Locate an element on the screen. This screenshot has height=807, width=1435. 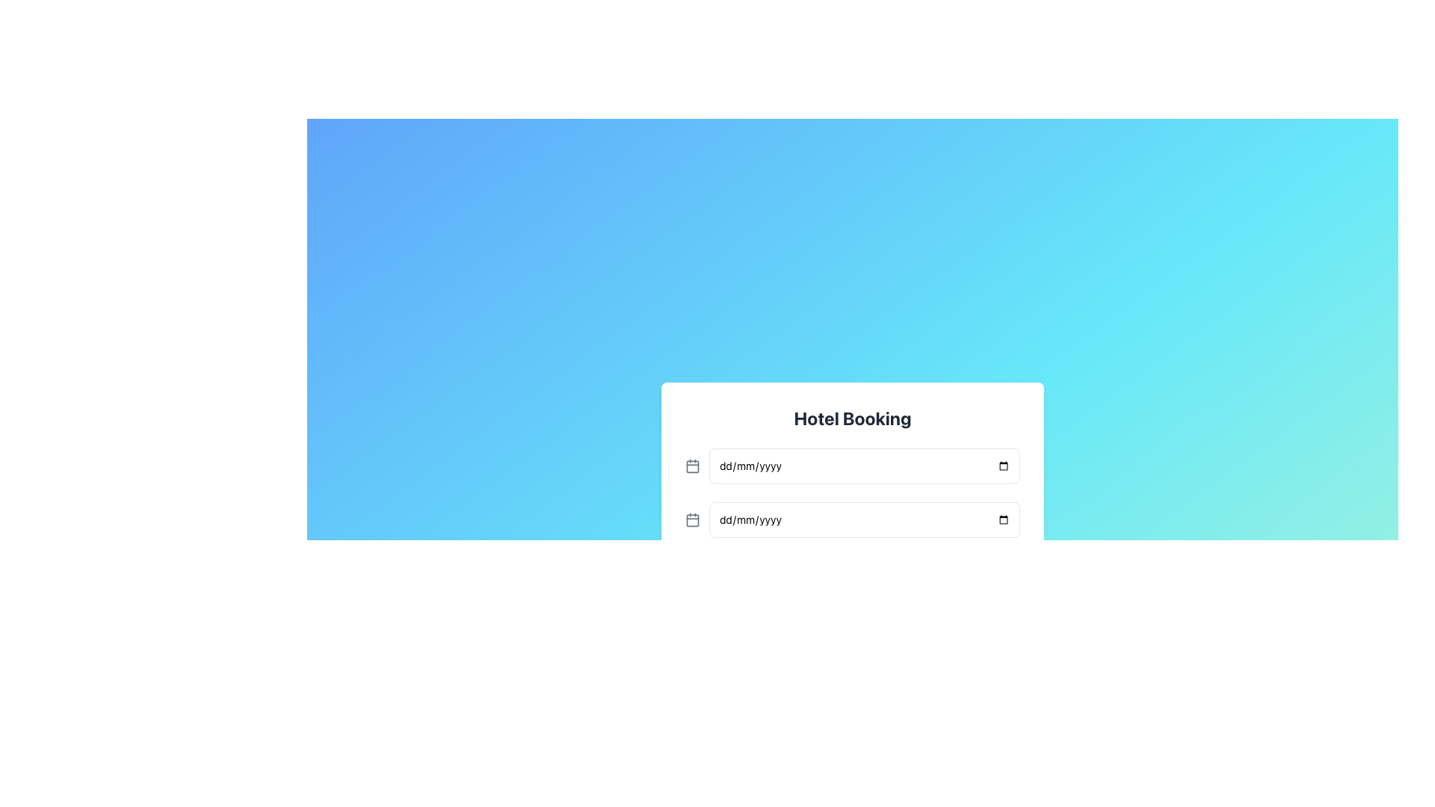
the Date input field to focus on it, allowing for date entry or selection is located at coordinates (864, 466).